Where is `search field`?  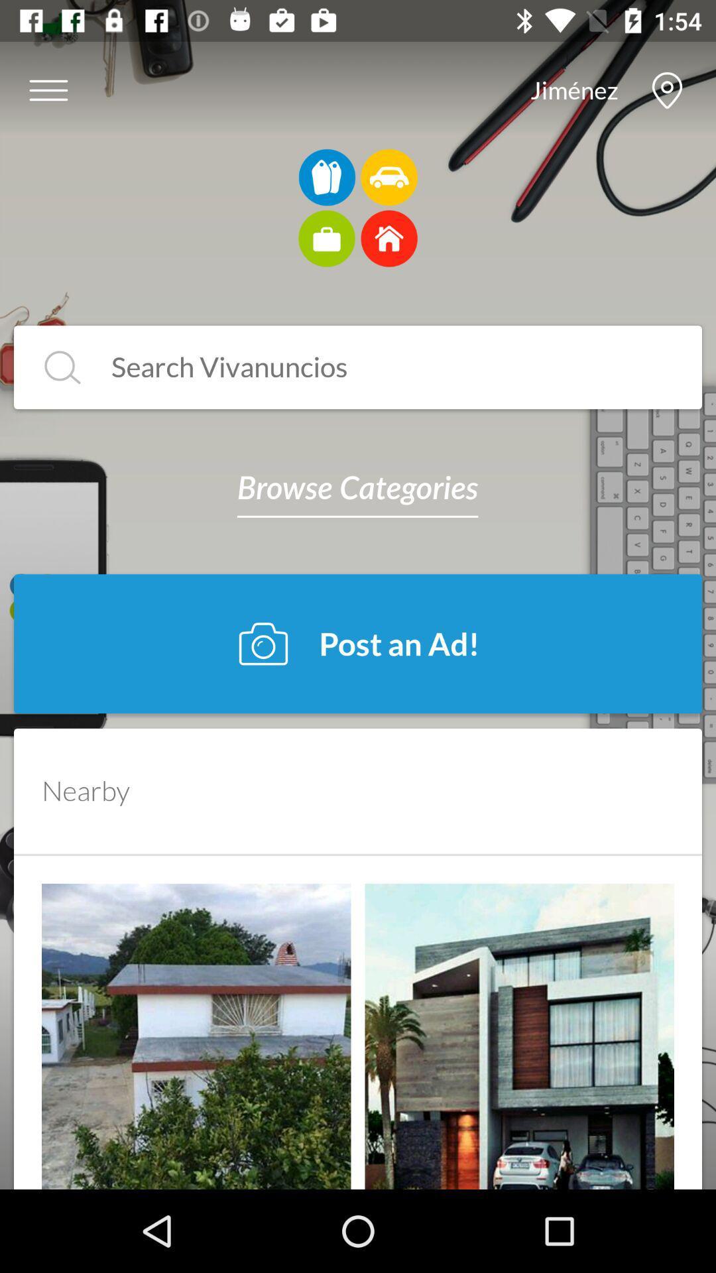
search field is located at coordinates (62, 367).